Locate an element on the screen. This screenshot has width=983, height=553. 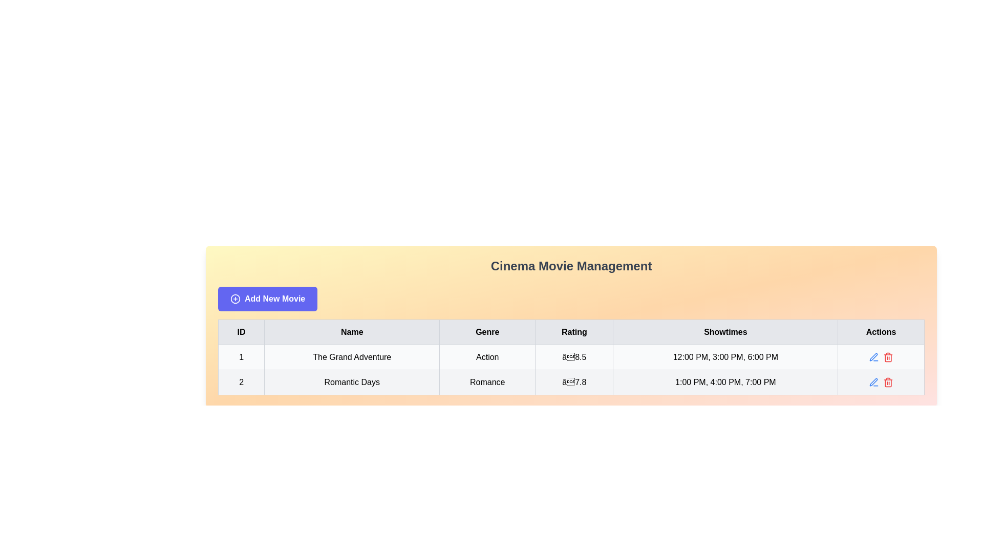
the 'Showtimes' header cell in the table, which is the fifth header positioned between 'Rating' and 'Actions' is located at coordinates (725, 332).